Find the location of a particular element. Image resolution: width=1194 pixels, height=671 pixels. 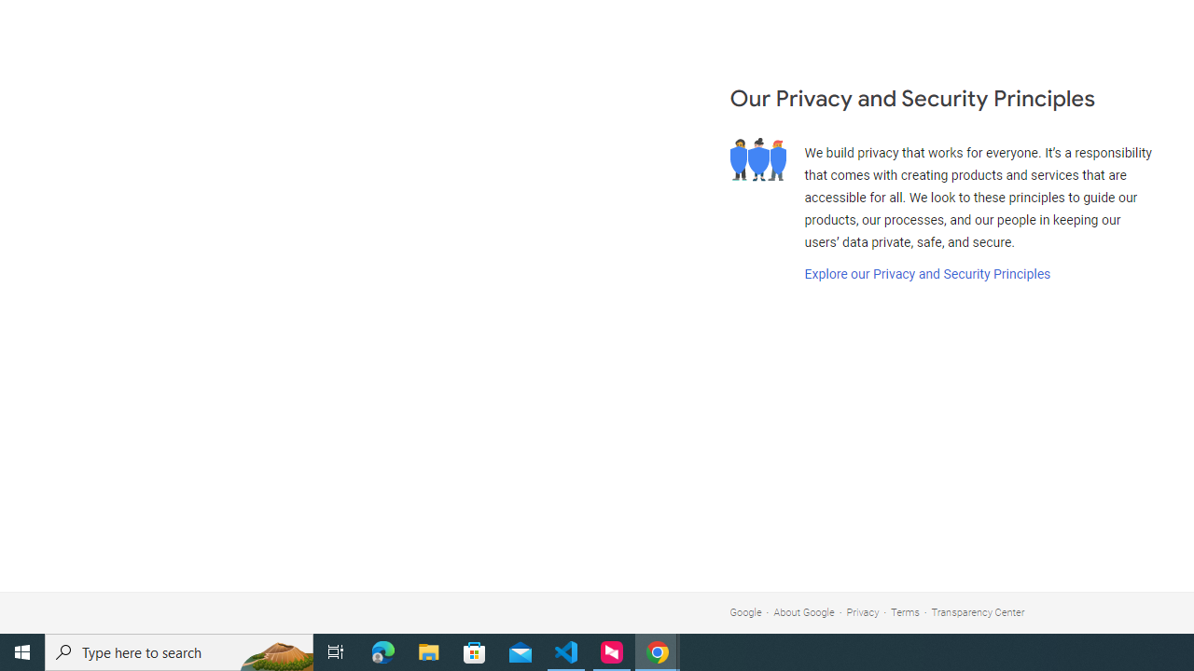

'Google' is located at coordinates (744, 612).